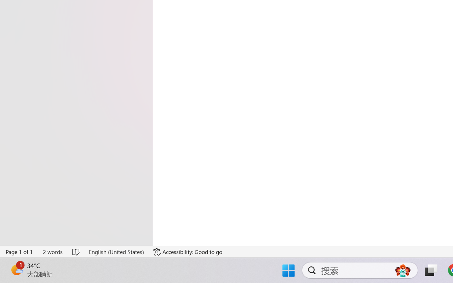 Image resolution: width=453 pixels, height=283 pixels. I want to click on 'Spelling and Grammar Check No Errors', so click(76, 252).